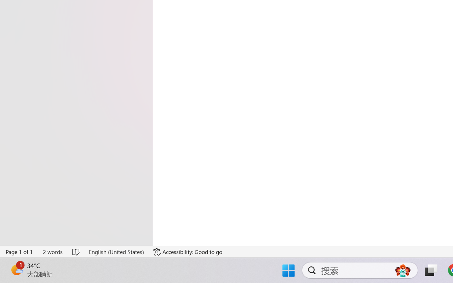 Image resolution: width=453 pixels, height=283 pixels. I want to click on 'Spelling and Grammar Check No Errors', so click(76, 252).